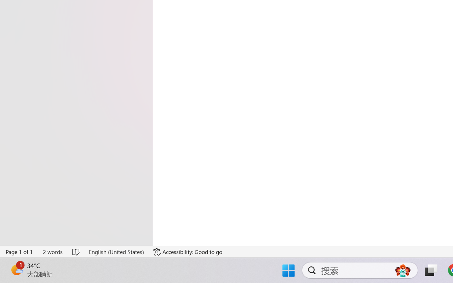 Image resolution: width=453 pixels, height=283 pixels. I want to click on 'Spelling and Grammar Check No Errors', so click(76, 252).